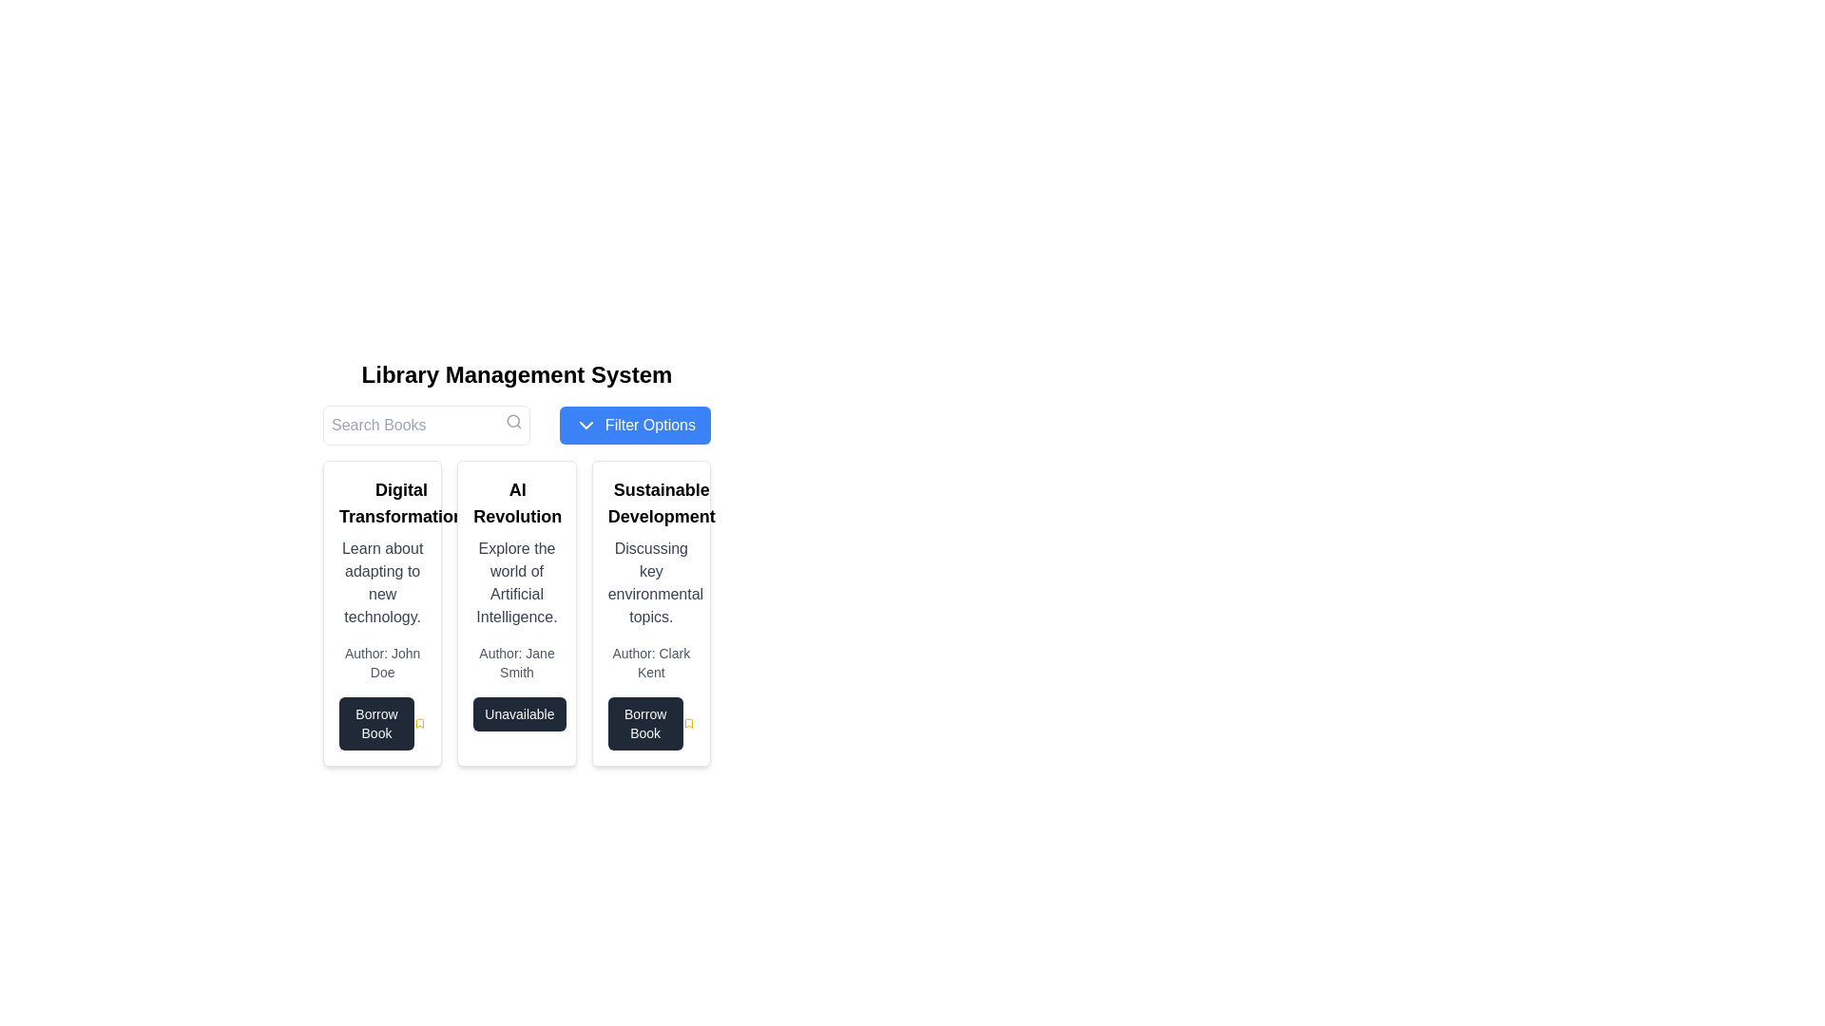  I want to click on information displayed on the Card about Artificial Intelligence, which is located in the middle of a three-column grid layout beneath the 'Library Management System' heading, so click(516, 562).